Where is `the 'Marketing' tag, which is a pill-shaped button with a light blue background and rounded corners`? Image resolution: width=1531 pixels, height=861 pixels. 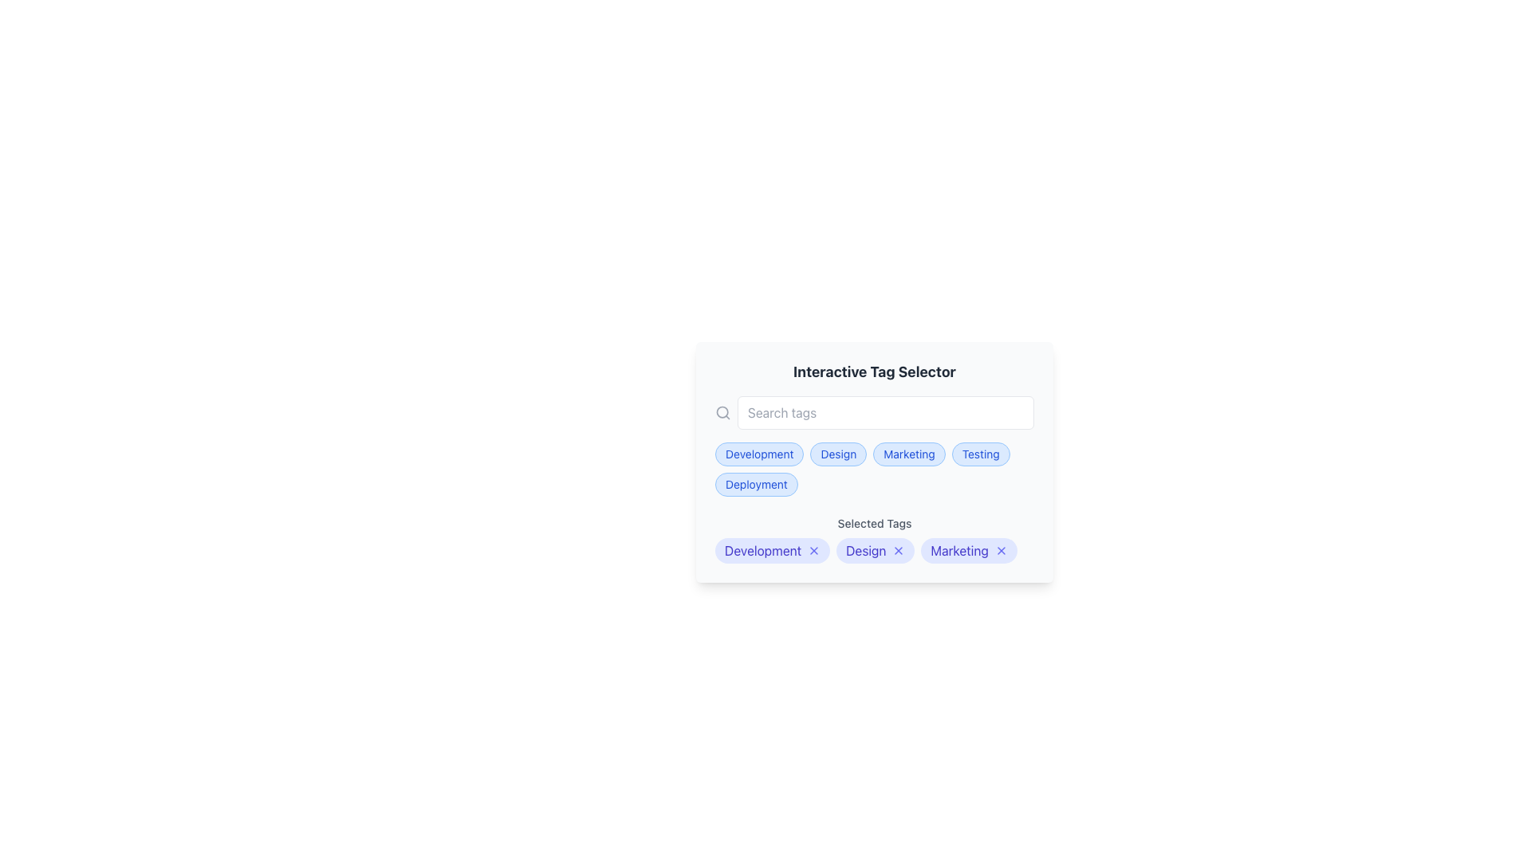 the 'Marketing' tag, which is a pill-shaped button with a light blue background and rounded corners is located at coordinates (909, 454).